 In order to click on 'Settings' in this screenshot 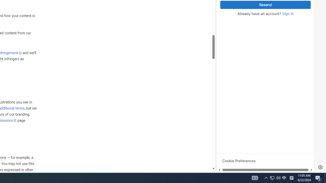, I will do `click(320, 167)`.